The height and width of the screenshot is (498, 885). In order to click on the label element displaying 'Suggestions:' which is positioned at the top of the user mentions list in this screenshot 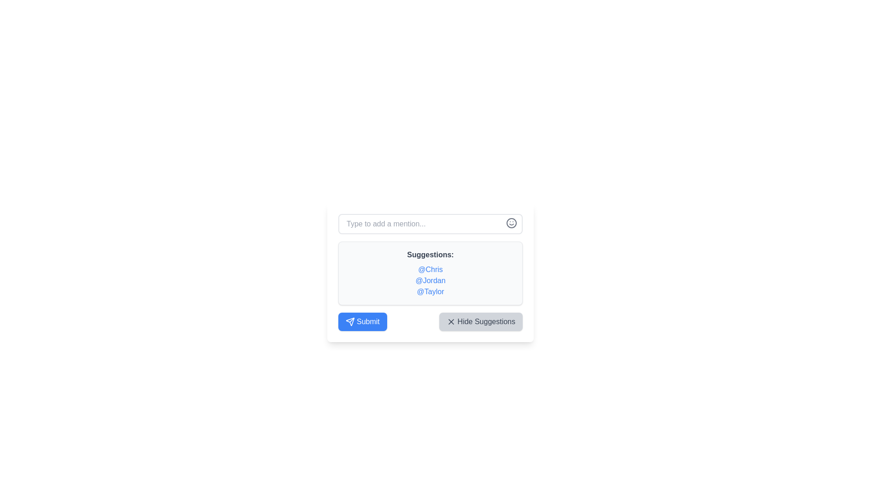, I will do `click(430, 255)`.